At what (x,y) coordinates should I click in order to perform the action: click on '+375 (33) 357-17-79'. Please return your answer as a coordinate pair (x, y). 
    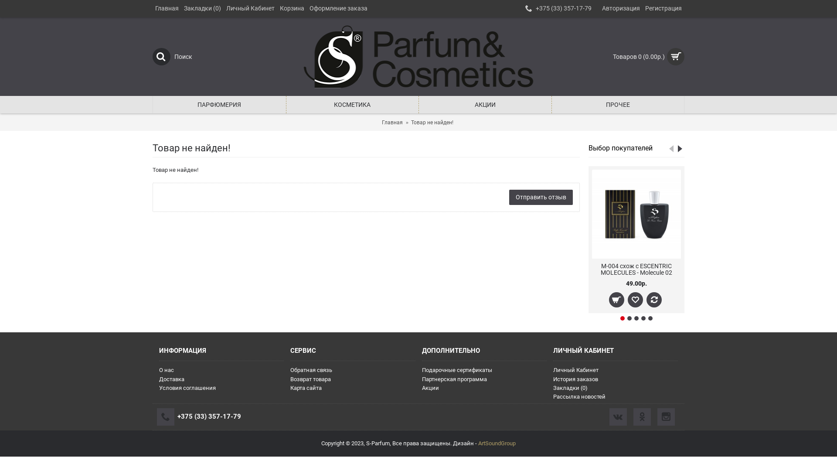
    Looking at the image, I should click on (558, 8).